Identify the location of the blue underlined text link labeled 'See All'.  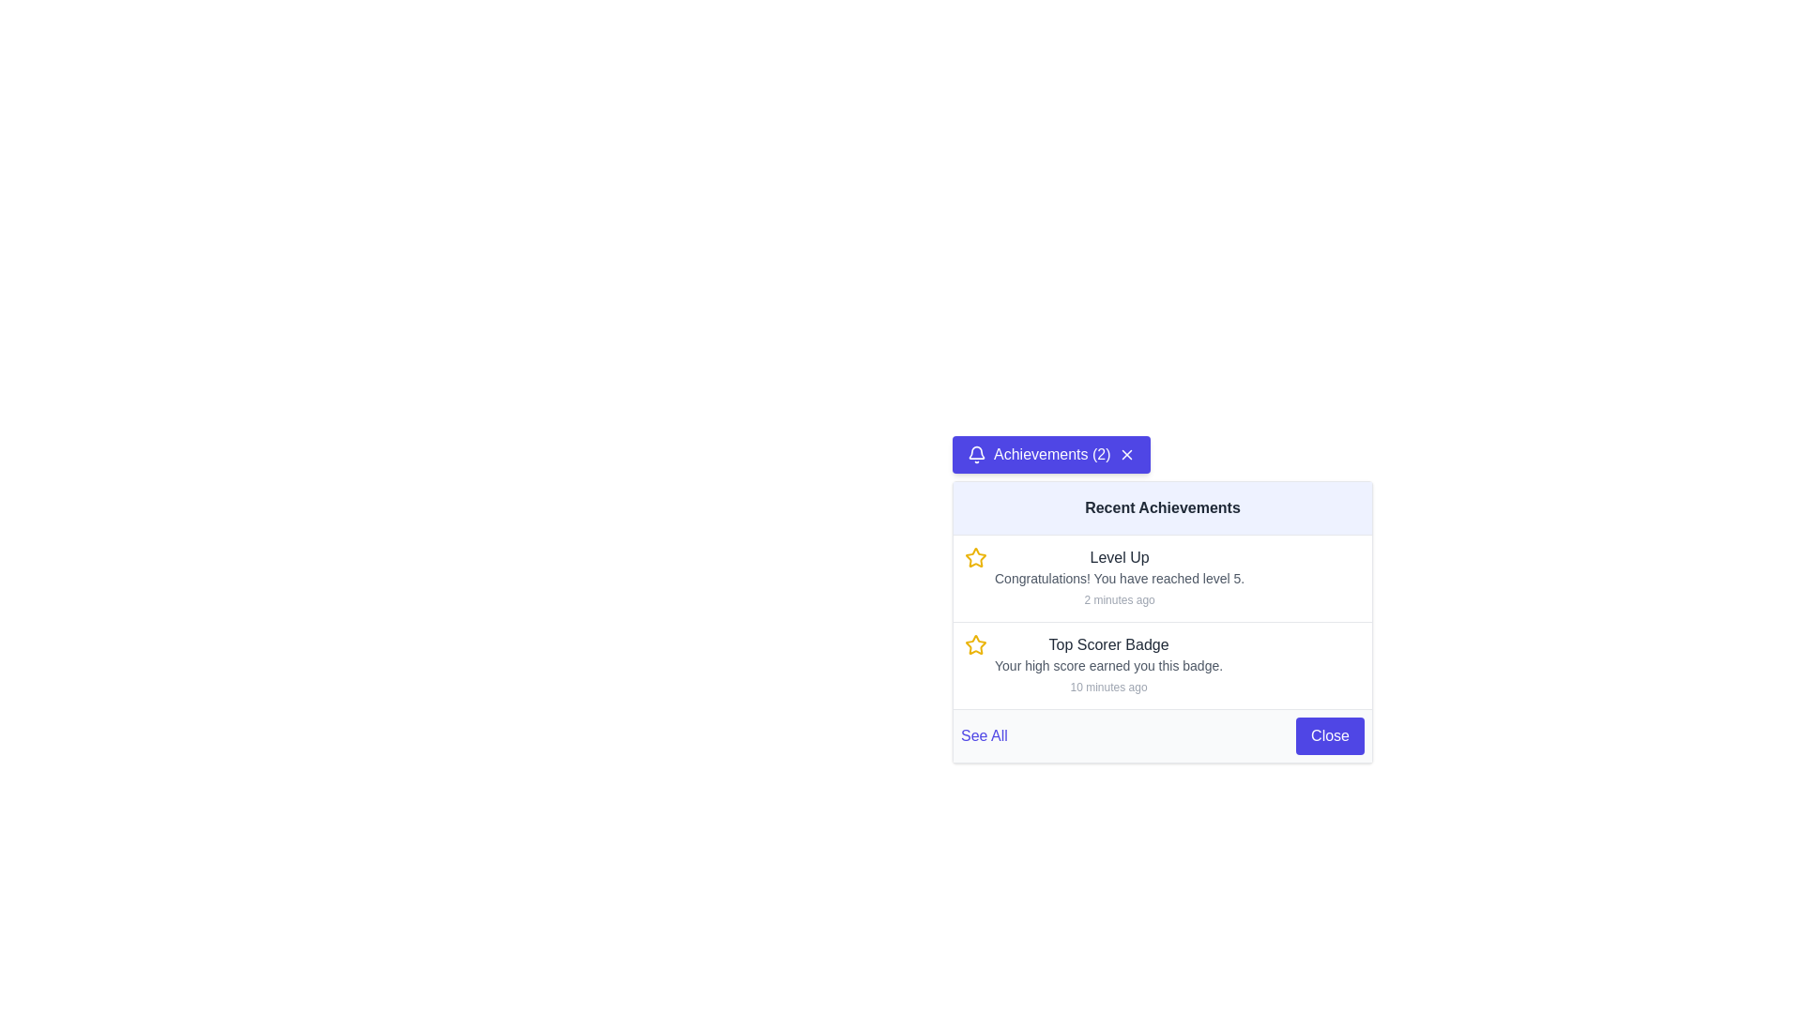
(983, 735).